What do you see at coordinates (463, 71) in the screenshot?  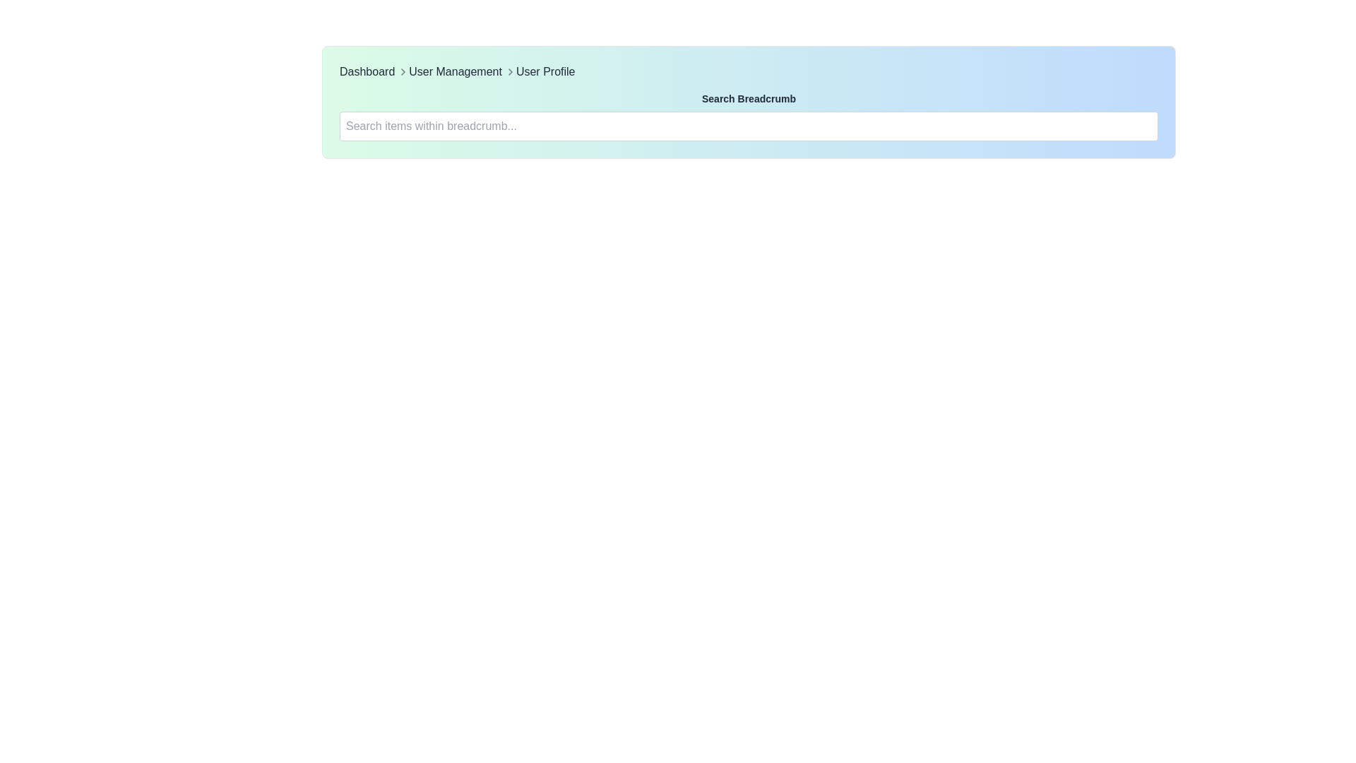 I see `the interactive text link labeled 'User Management' in the breadcrumb navigation` at bounding box center [463, 71].